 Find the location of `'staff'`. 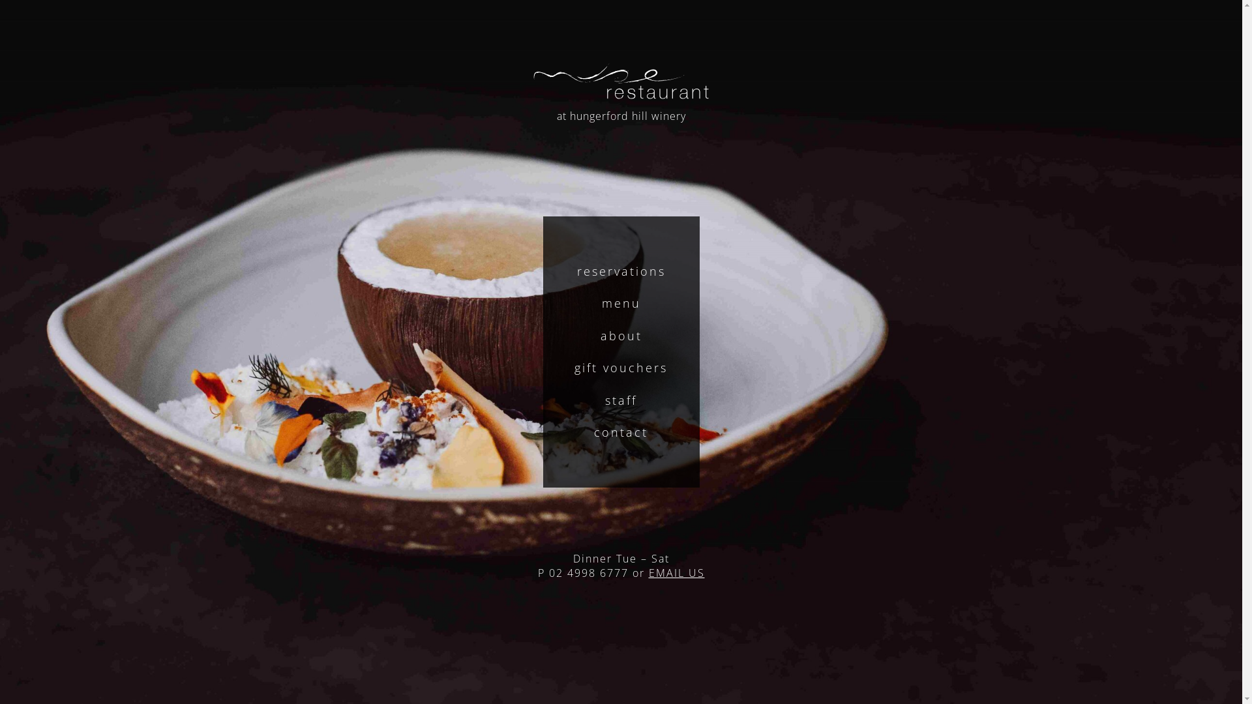

'staff' is located at coordinates (619, 399).